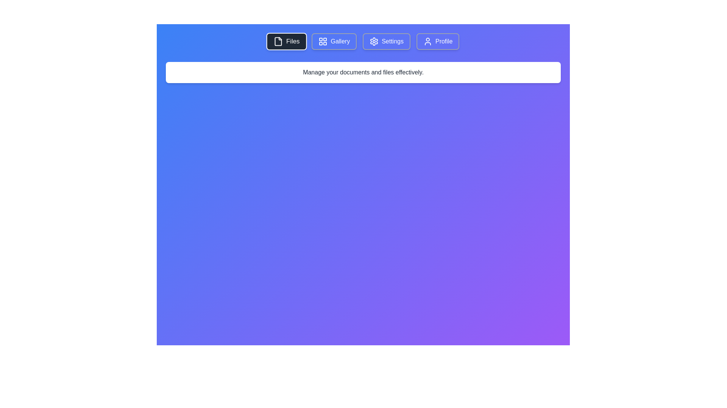  What do you see at coordinates (278, 42) in the screenshot?
I see `the document icon associated with the 'Files' button in the top-left segment of the interface` at bounding box center [278, 42].